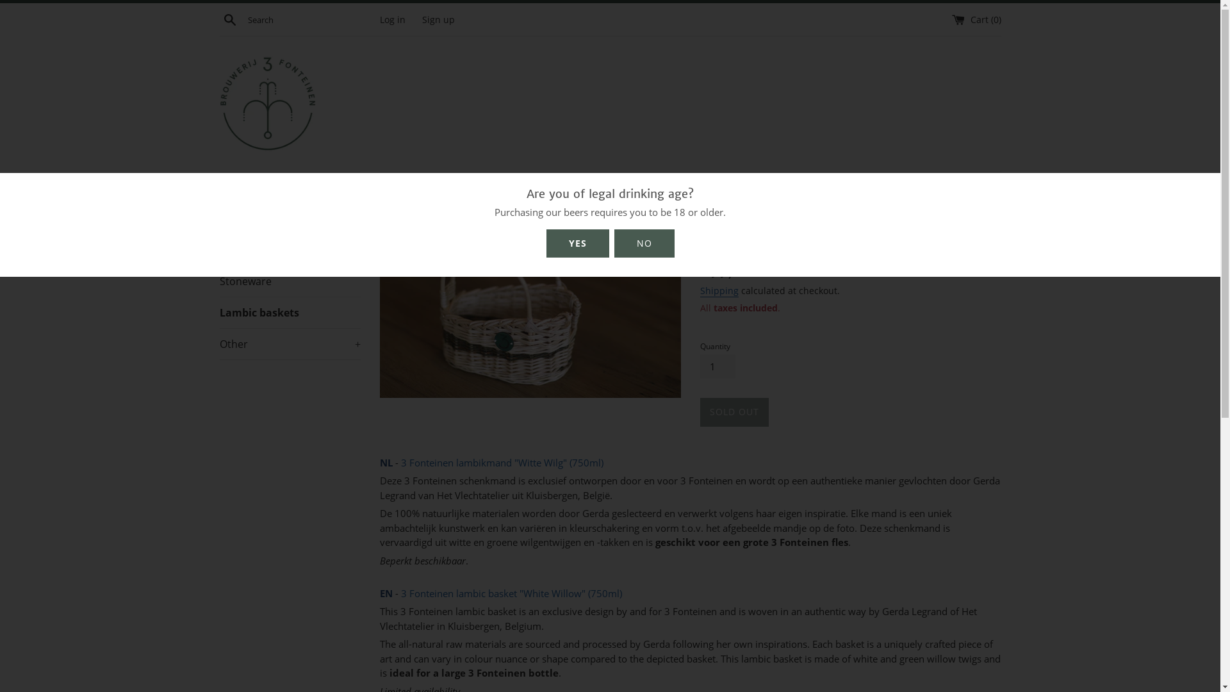 Image resolution: width=1230 pixels, height=692 pixels. Describe the element at coordinates (734, 412) in the screenshot. I see `'SOLD OUT'` at that location.